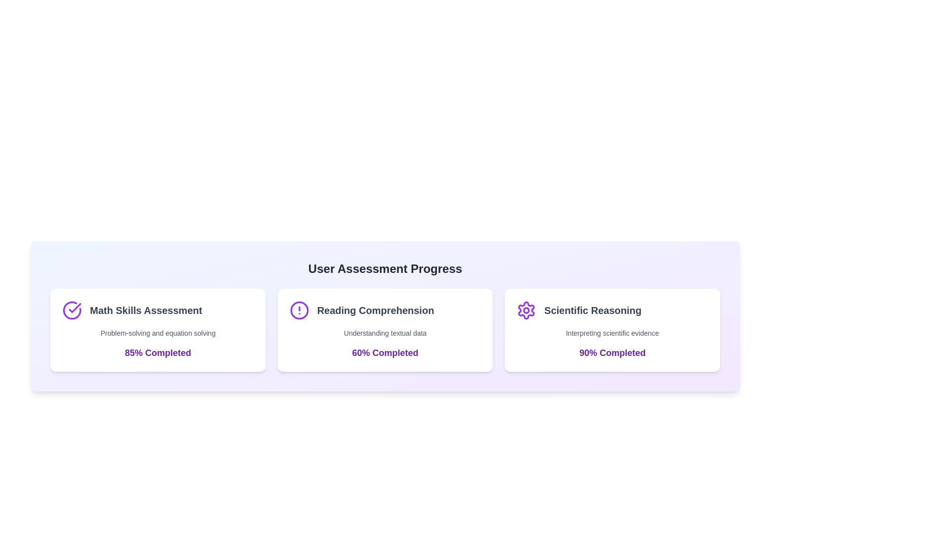 This screenshot has height=534, width=949. What do you see at coordinates (385, 268) in the screenshot?
I see `the header text 'User Assessment Progress', which is styled in bold dark gray on a light gradient background, located prominently at the top of the content box` at bounding box center [385, 268].